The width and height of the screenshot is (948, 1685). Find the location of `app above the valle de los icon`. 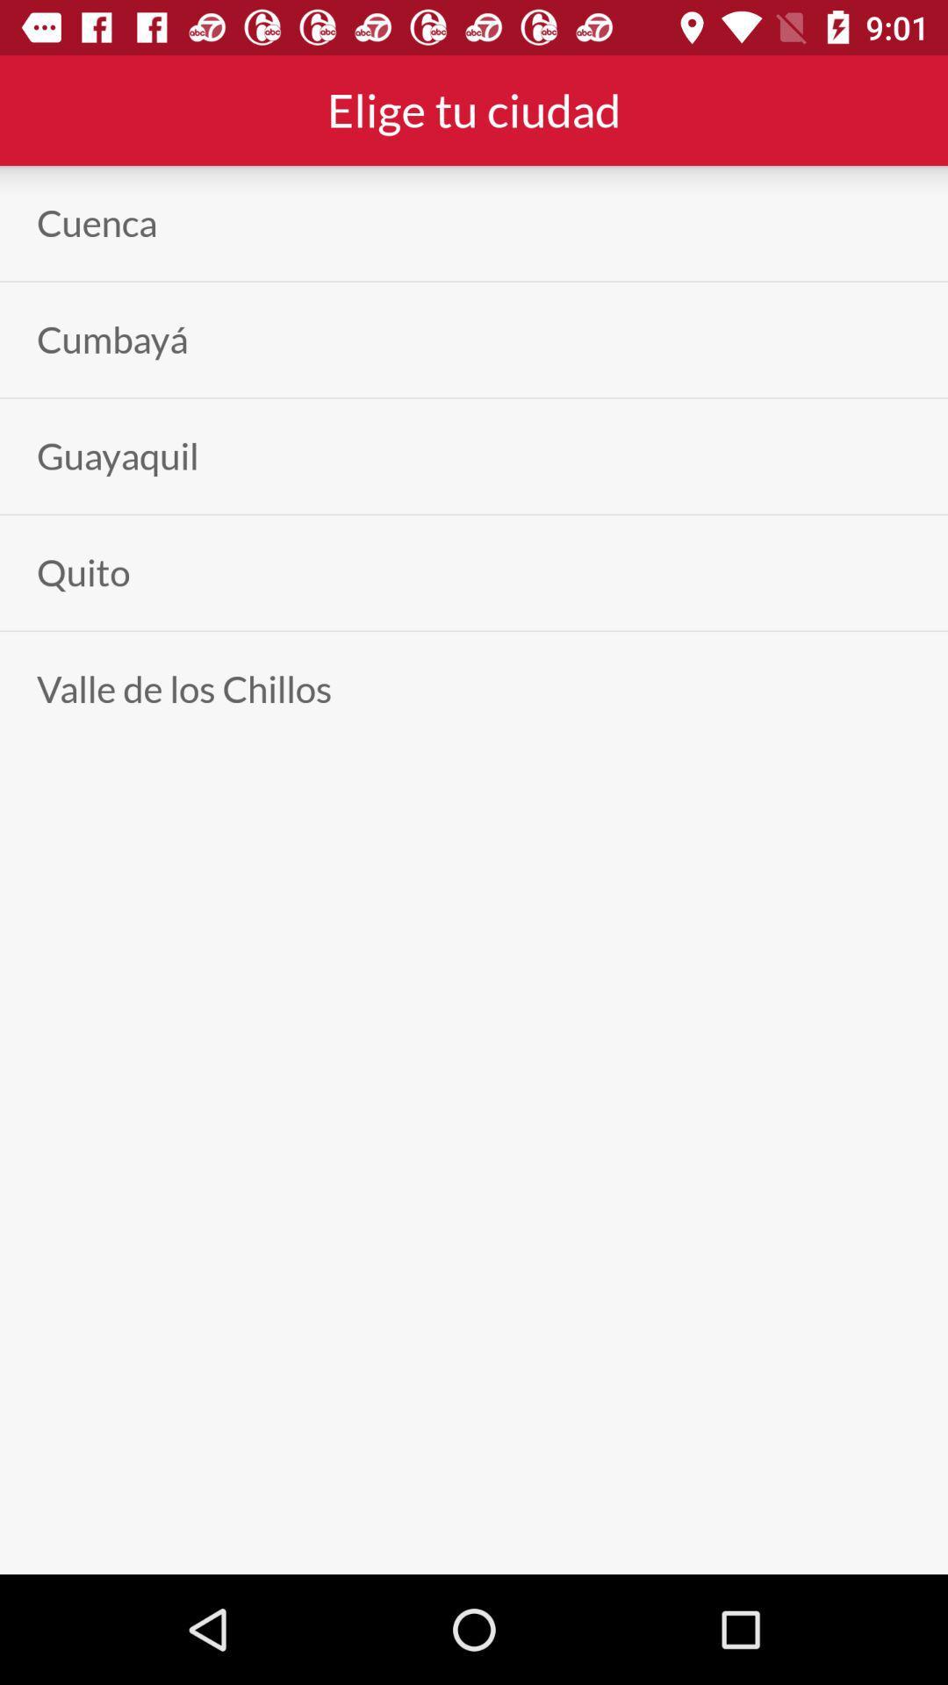

app above the valle de los icon is located at coordinates (83, 572).